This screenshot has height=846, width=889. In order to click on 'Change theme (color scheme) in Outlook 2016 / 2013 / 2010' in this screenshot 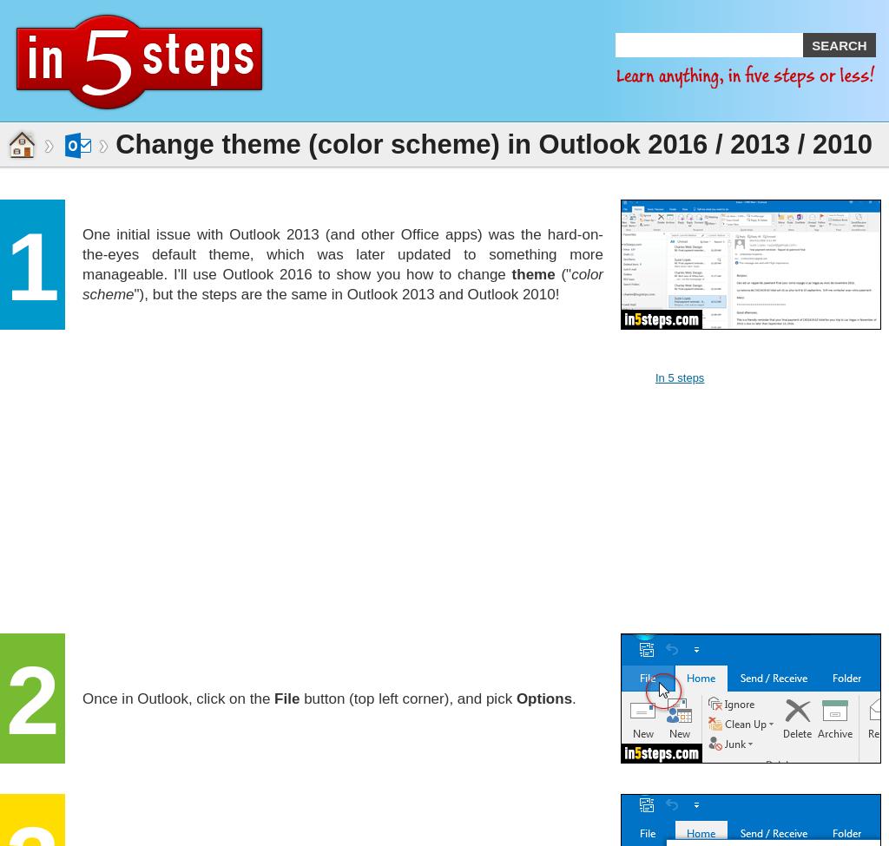, I will do `click(492, 143)`.